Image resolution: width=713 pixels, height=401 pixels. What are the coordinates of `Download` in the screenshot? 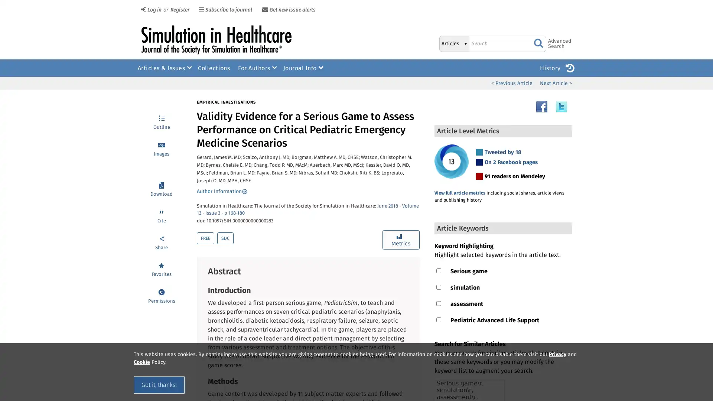 It's located at (161, 188).